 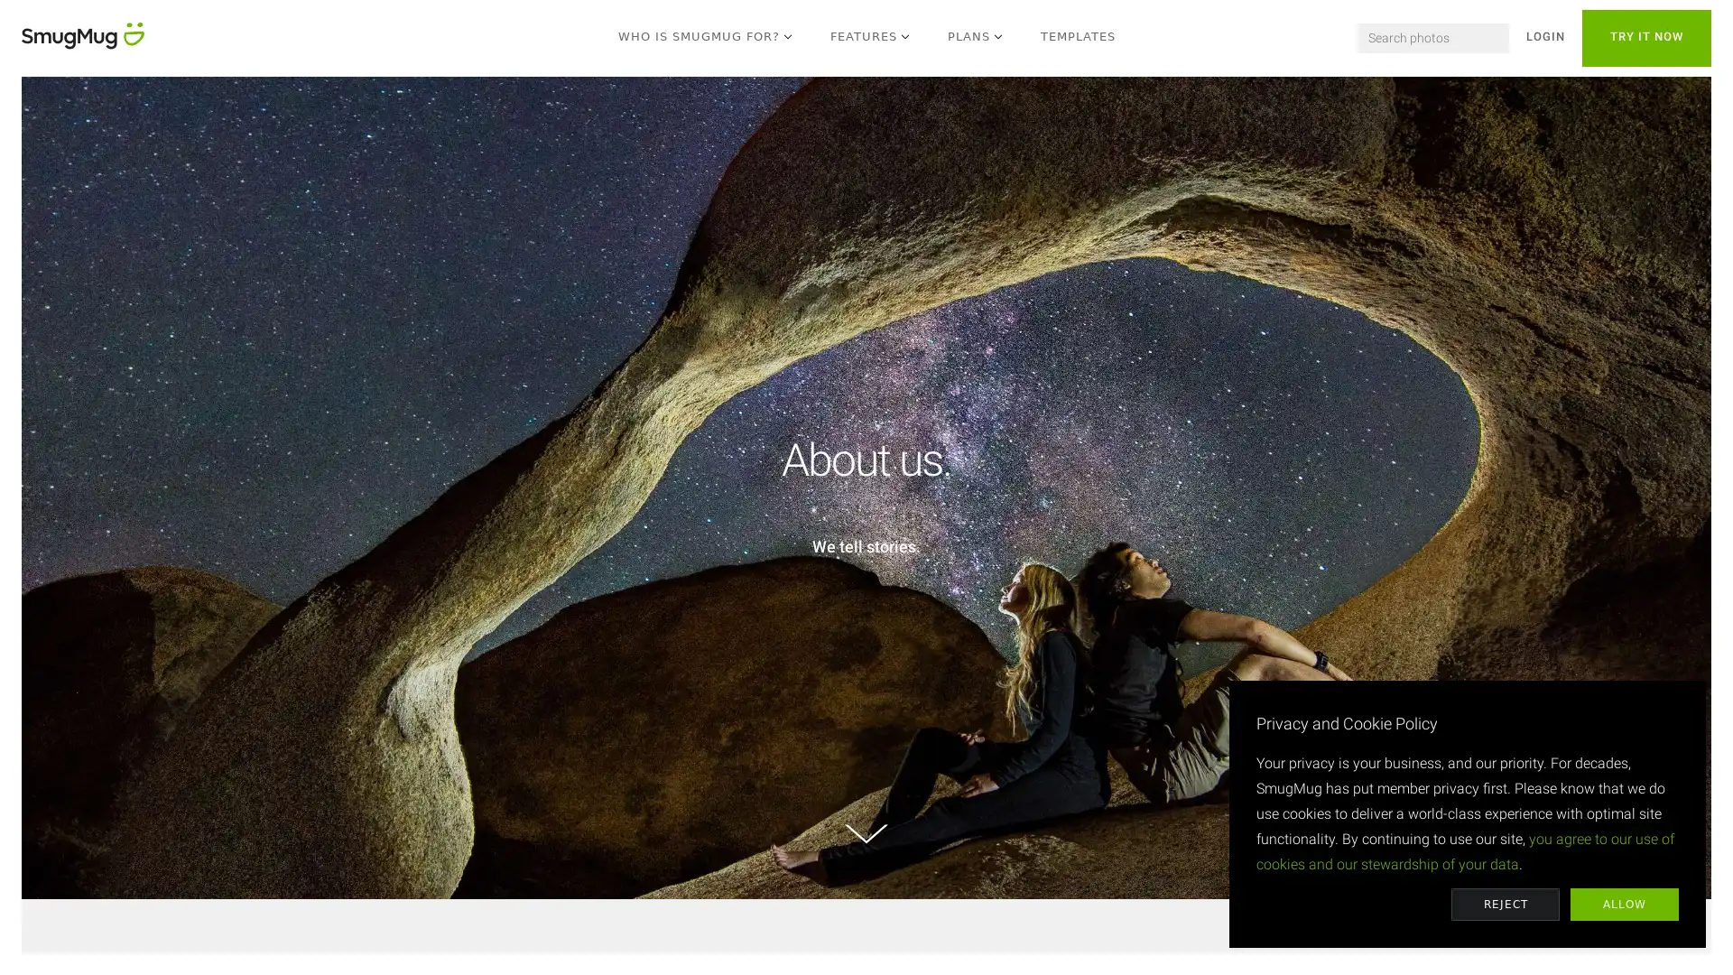 I want to click on WHO IS SMUGMUG FOR?, so click(x=705, y=38).